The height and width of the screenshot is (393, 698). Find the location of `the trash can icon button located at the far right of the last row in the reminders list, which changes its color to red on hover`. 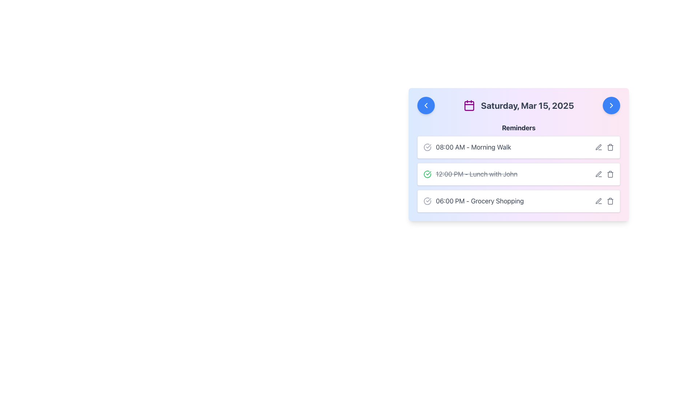

the trash can icon button located at the far right of the last row in the reminders list, which changes its color to red on hover is located at coordinates (610, 201).